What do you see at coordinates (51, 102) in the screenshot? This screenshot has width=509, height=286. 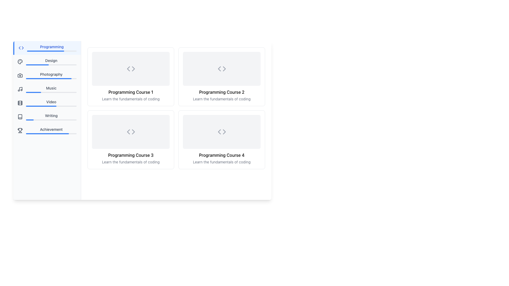 I see `the 'Video' label in the vertical menu on the left sidebar, which is positioned below the 'Music' menu item and above the 'Writing' menu item` at bounding box center [51, 102].